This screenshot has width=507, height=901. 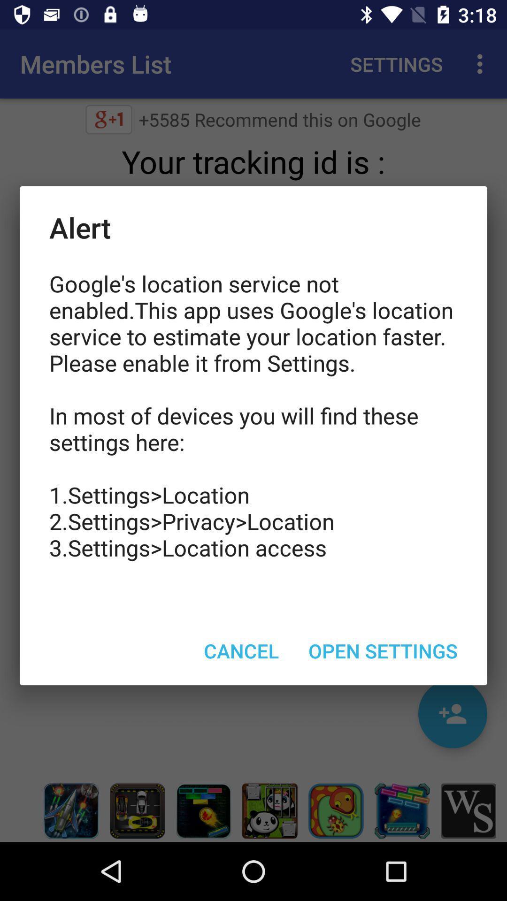 I want to click on item below google s location icon, so click(x=241, y=650).